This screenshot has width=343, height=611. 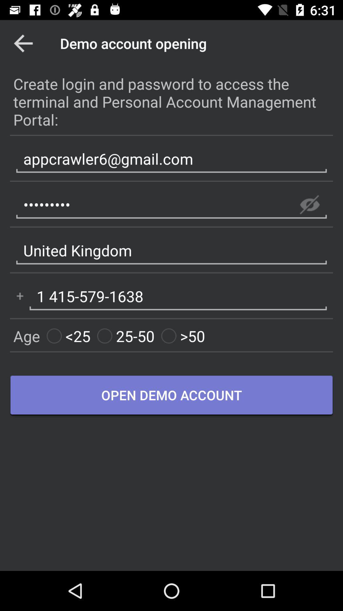 I want to click on show or hide password, so click(x=309, y=205).